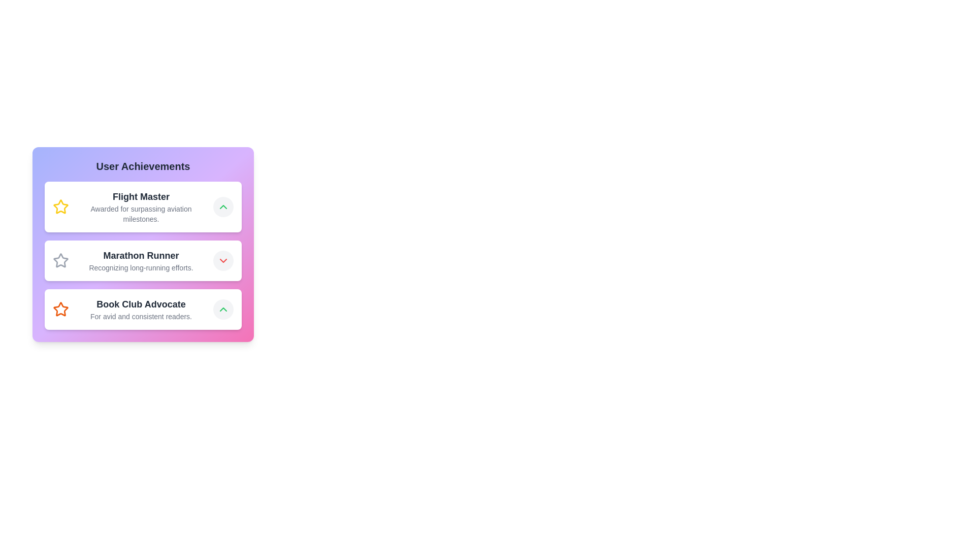 Image resolution: width=975 pixels, height=548 pixels. Describe the element at coordinates (143, 207) in the screenshot. I see `descriptive text 'Awarded for surpassing aviation milestones.' from the Achievement display card titled 'Flight Master', which is the topmost item in the list of user achievements` at that location.